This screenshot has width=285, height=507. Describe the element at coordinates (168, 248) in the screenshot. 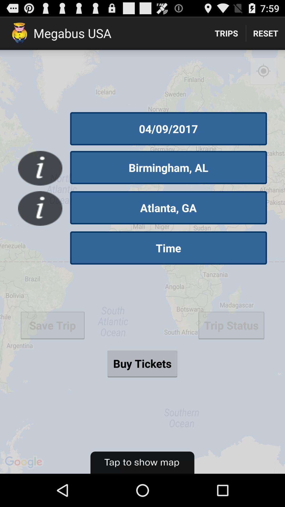

I see `the button above the save trip` at that location.